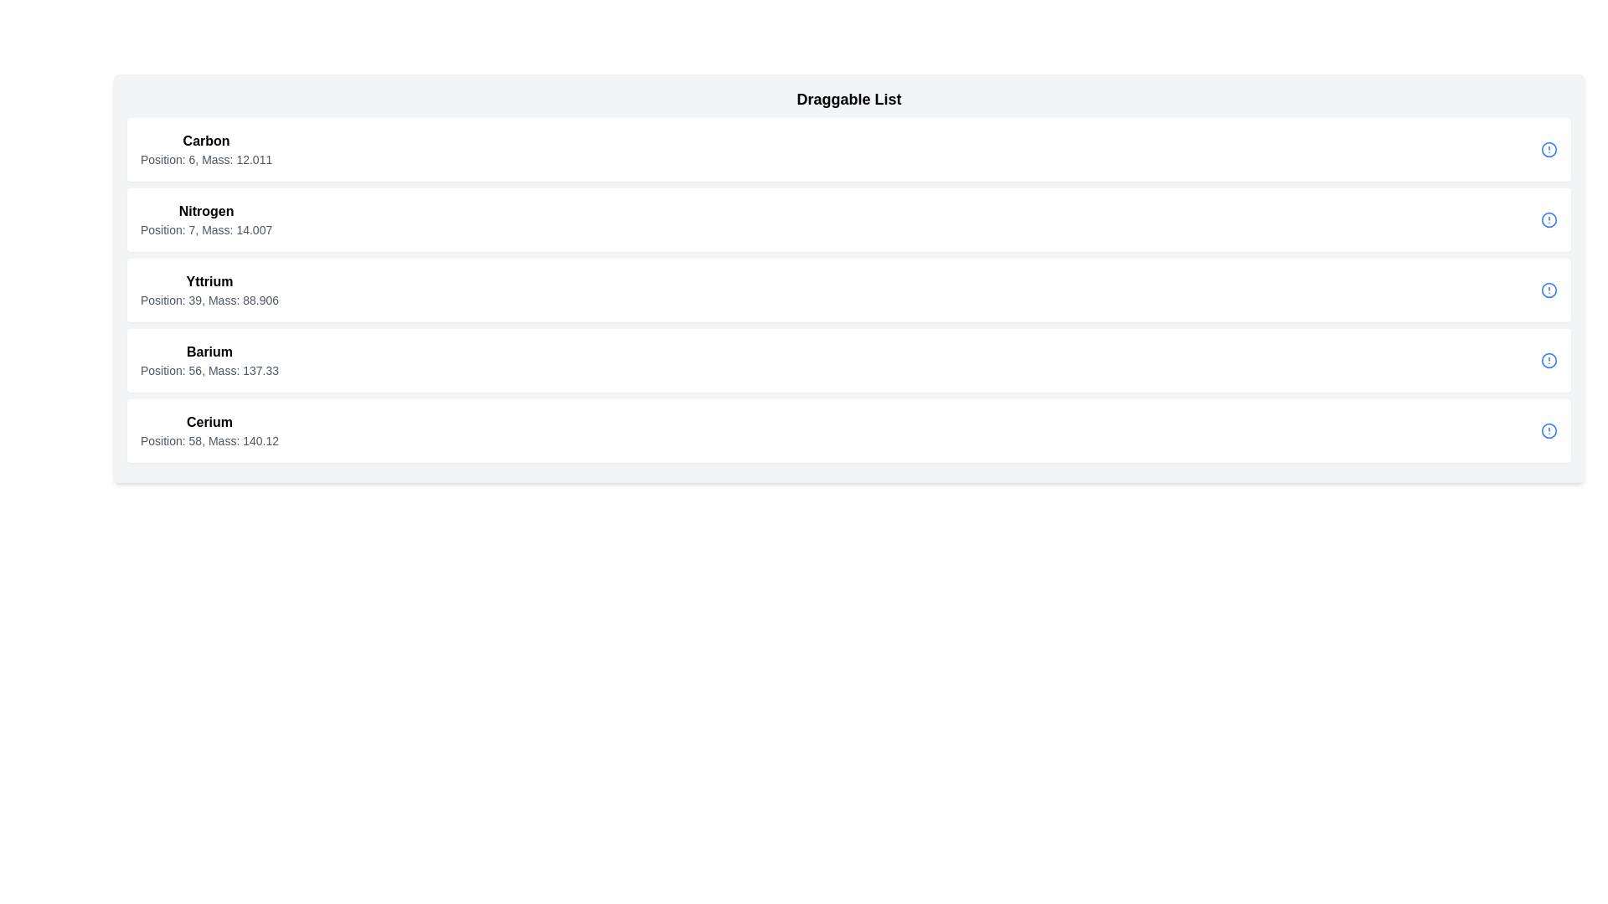 The image size is (1608, 904). Describe the element at coordinates (209, 360) in the screenshot. I see `information from the Text Block displaying 'Barium' and its properties, which is the third entry in a vertical list` at that location.